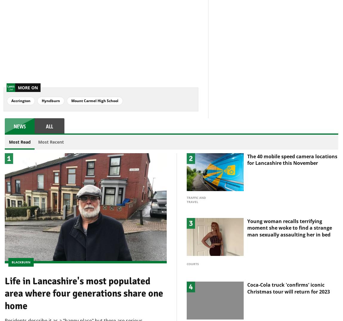 Image resolution: width=343 pixels, height=321 pixels. I want to click on 'Hyndburn', so click(41, 90).